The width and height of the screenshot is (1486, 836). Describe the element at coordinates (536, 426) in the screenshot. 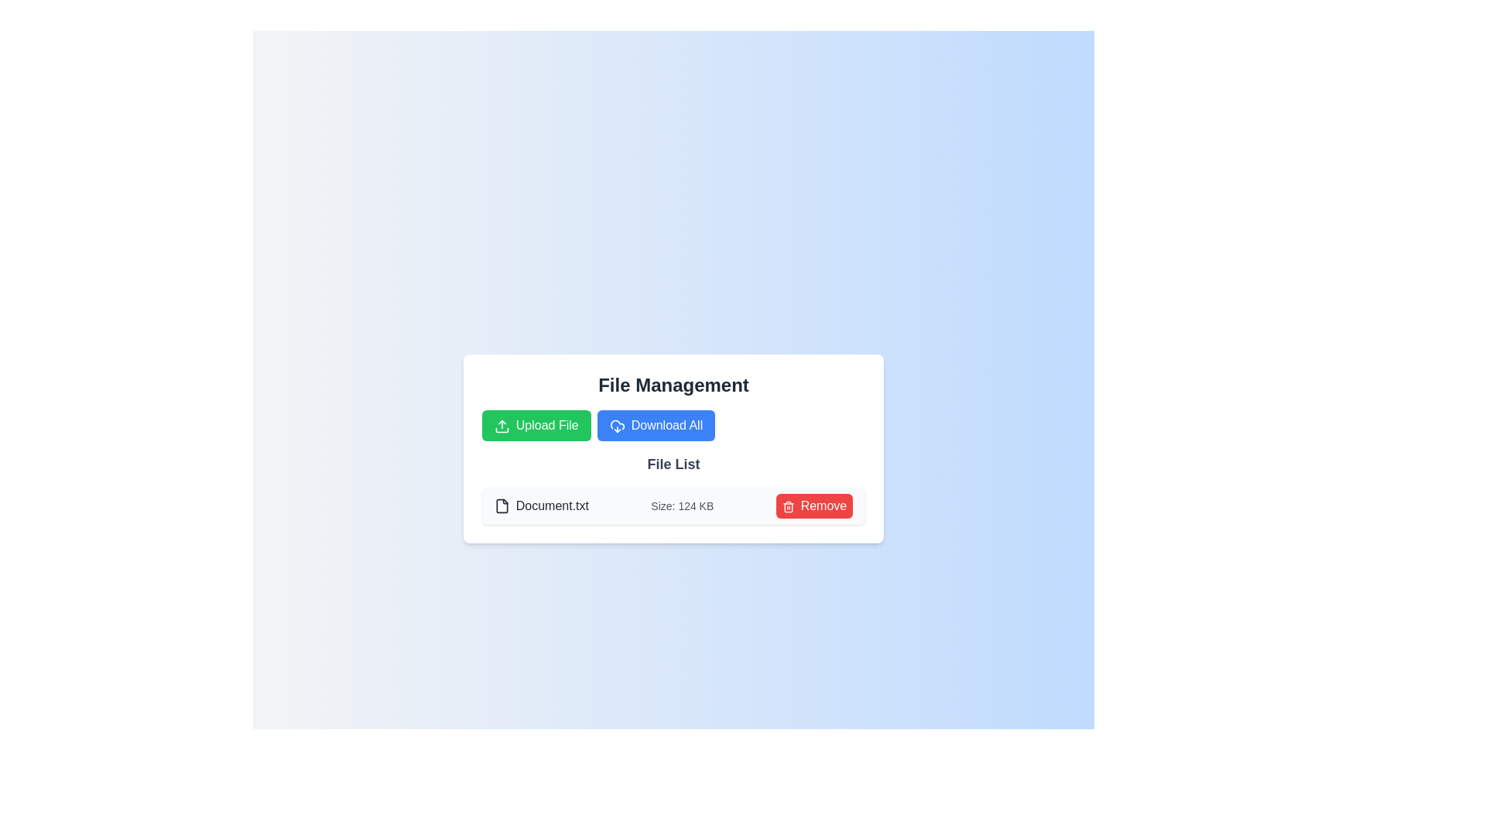

I see `the green 'Upload File' button with a white upload icon` at that location.